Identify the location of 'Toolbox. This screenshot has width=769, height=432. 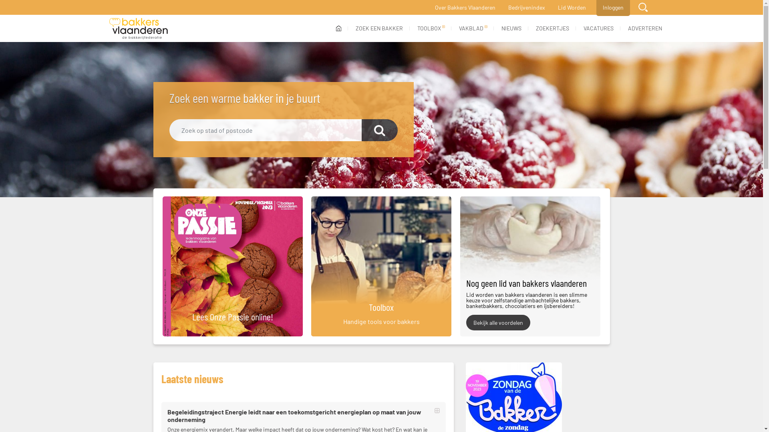
(307, 266).